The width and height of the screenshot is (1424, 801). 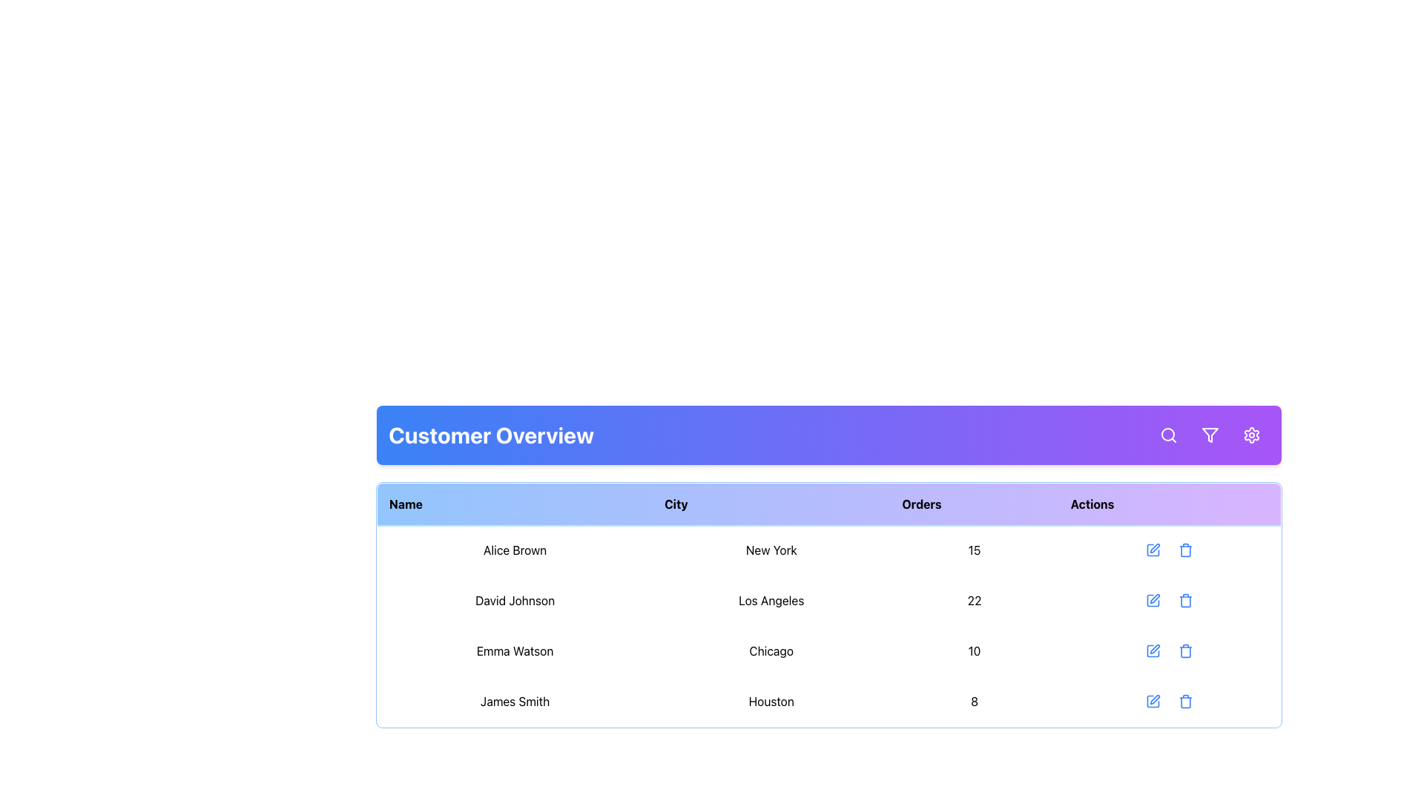 What do you see at coordinates (1153, 550) in the screenshot?
I see `the edit button located in the 'Actions' column of the first row in the table to allow the user` at bounding box center [1153, 550].